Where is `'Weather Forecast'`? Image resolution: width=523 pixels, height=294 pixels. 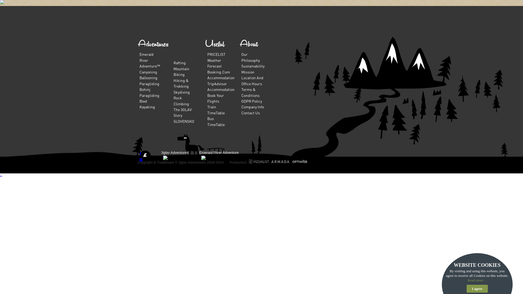
'Weather Forecast' is located at coordinates (214, 63).